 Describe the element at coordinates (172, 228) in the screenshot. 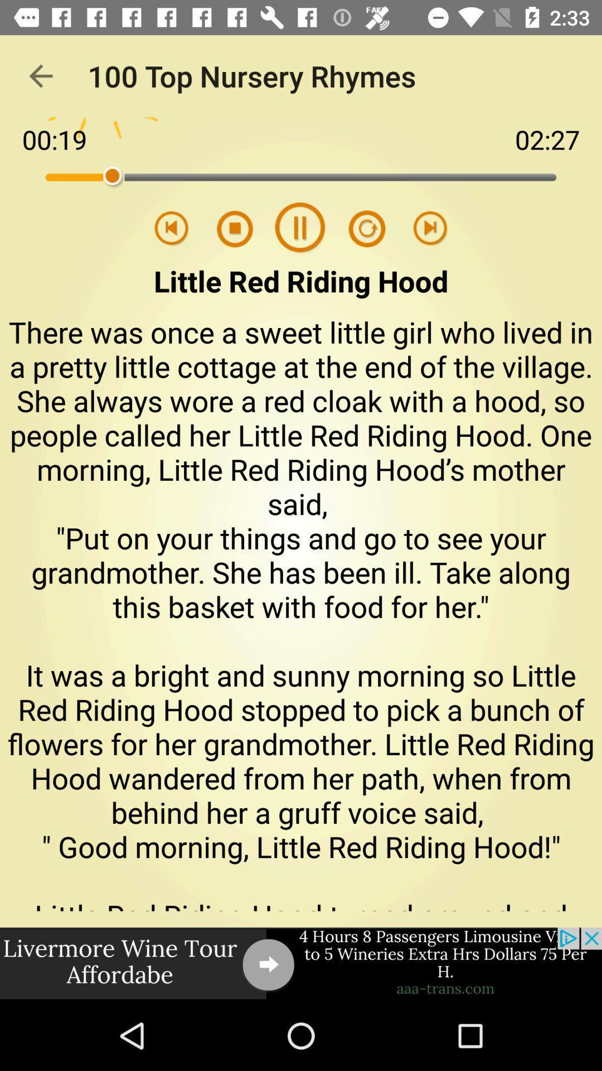

I see `go back` at that location.